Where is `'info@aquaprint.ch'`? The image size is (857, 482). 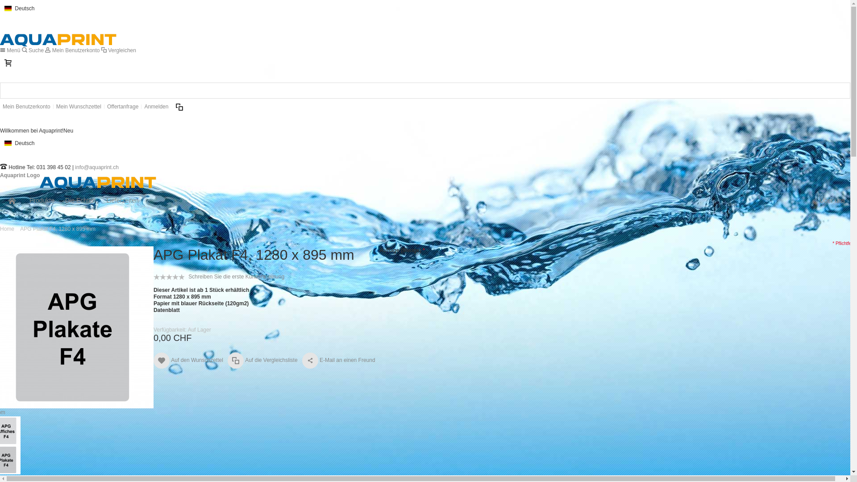
'info@aquaprint.ch' is located at coordinates (96, 167).